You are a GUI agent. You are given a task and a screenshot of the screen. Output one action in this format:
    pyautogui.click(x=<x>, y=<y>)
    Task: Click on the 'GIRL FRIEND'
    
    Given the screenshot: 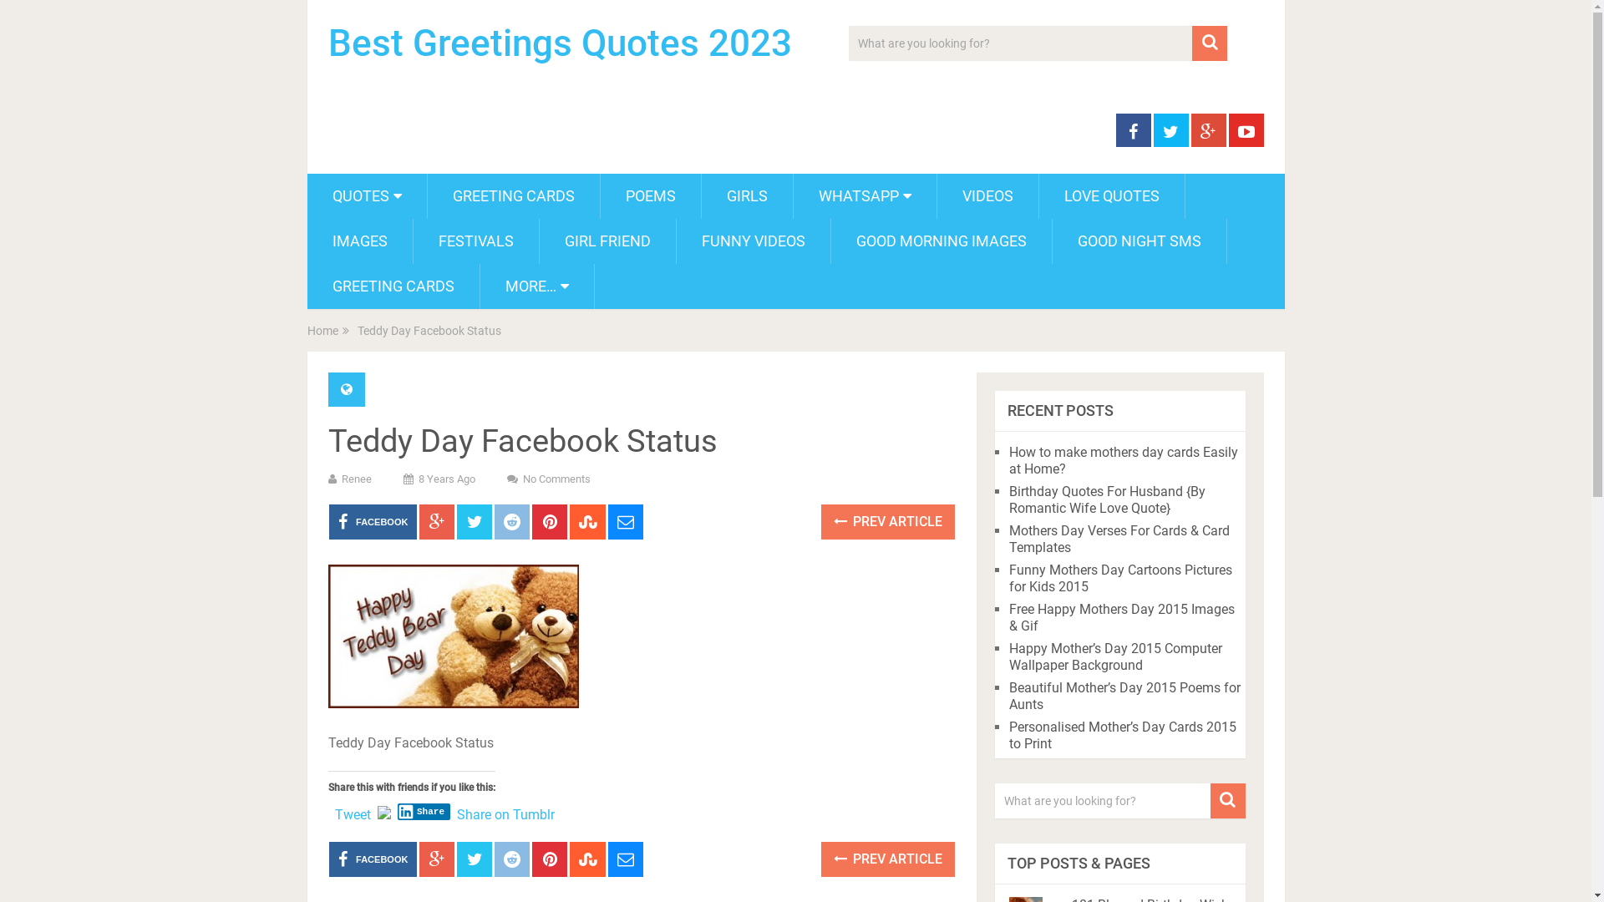 What is the action you would take?
    pyautogui.click(x=540, y=241)
    